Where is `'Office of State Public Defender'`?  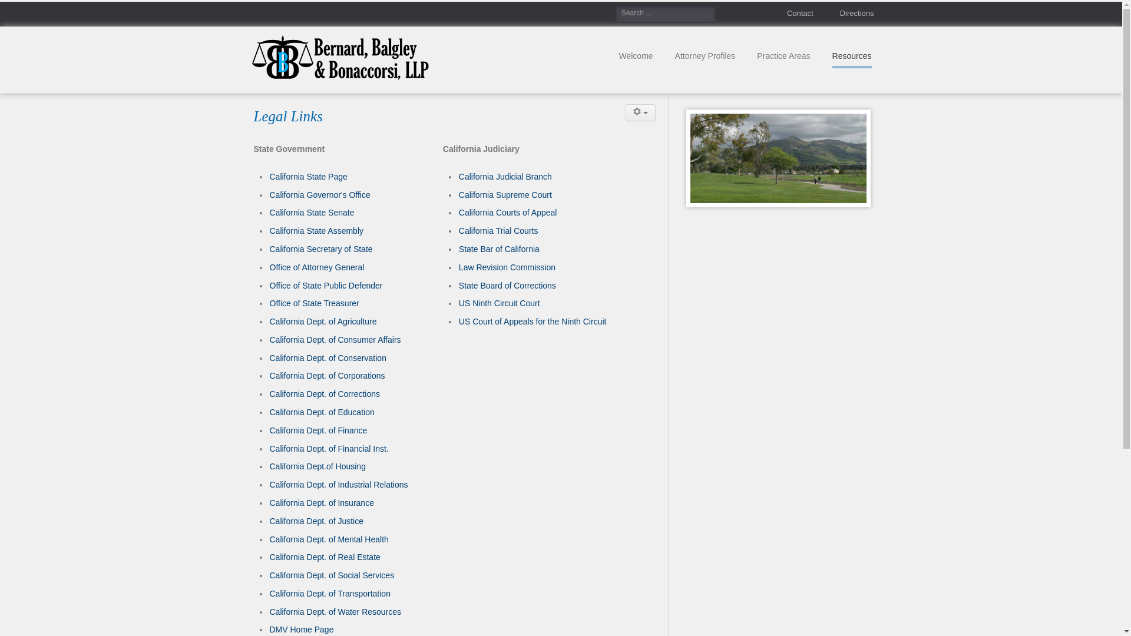 'Office of State Public Defender' is located at coordinates (326, 286).